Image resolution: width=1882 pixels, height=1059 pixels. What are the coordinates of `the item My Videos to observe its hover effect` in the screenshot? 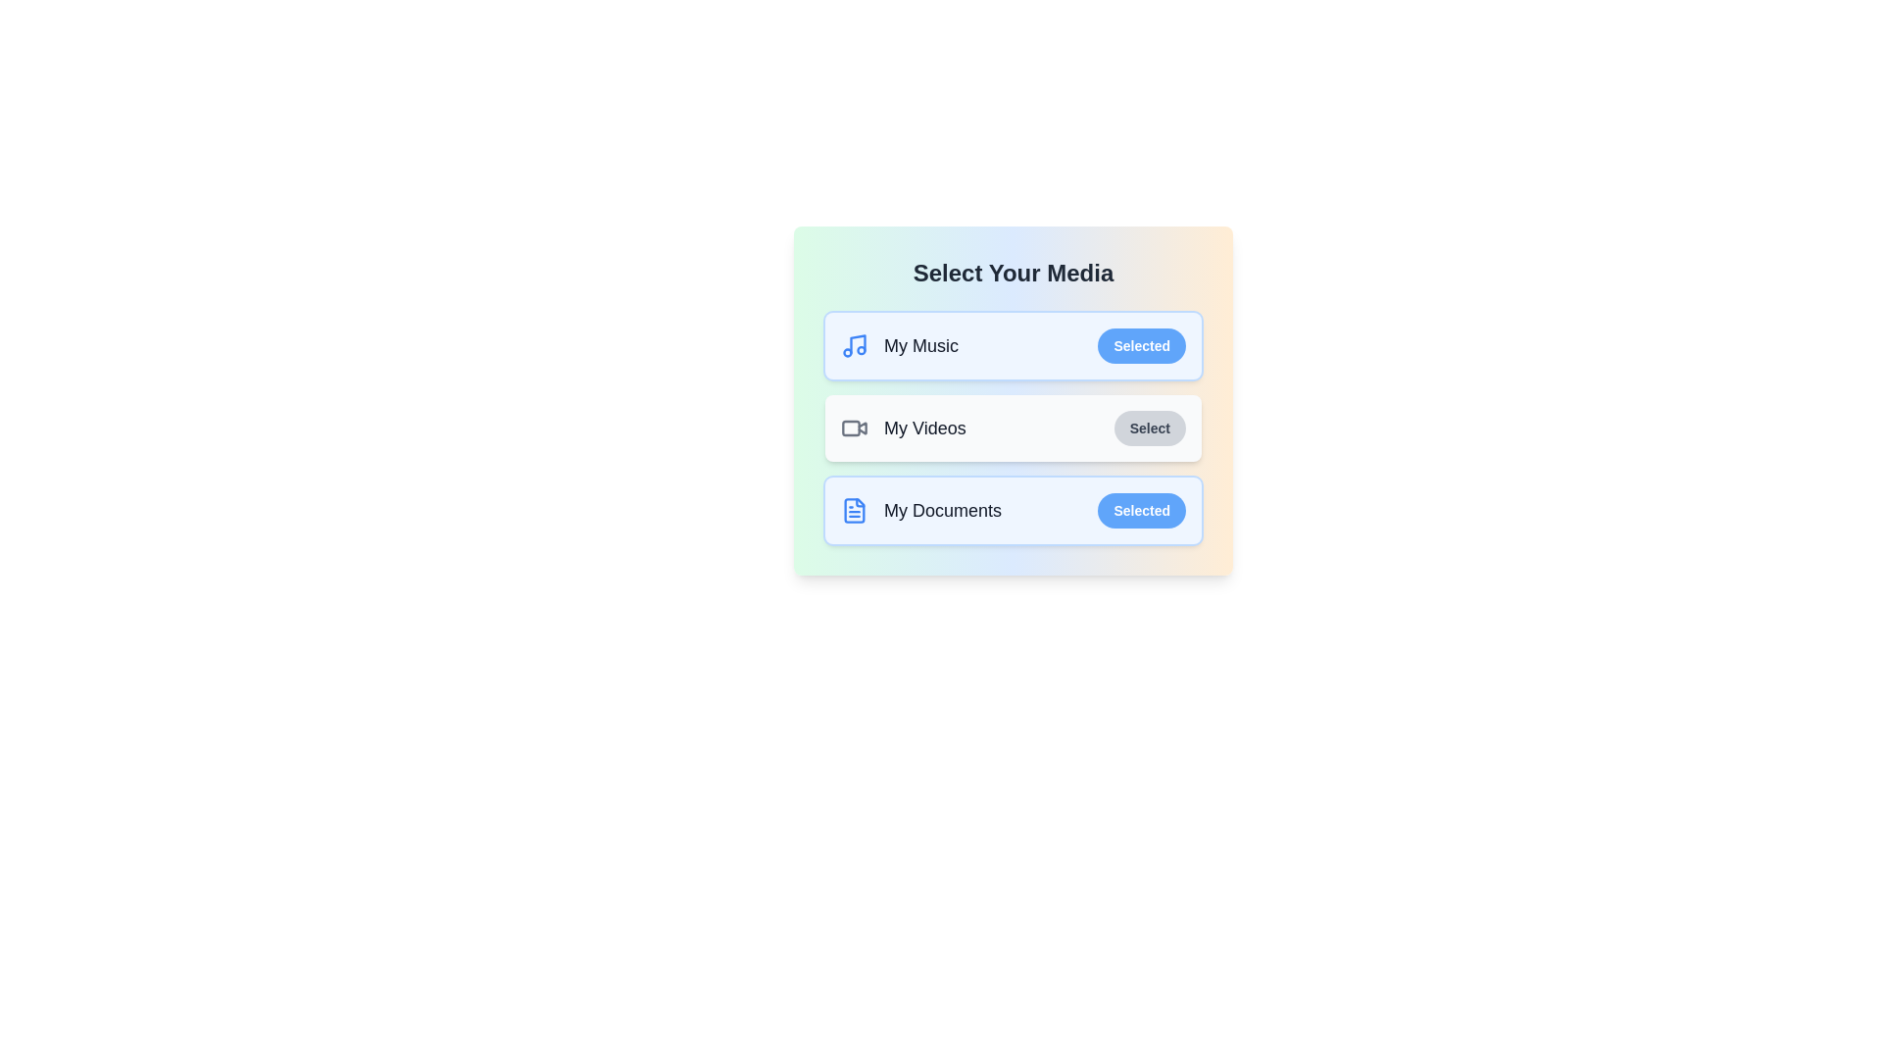 It's located at (1013, 427).